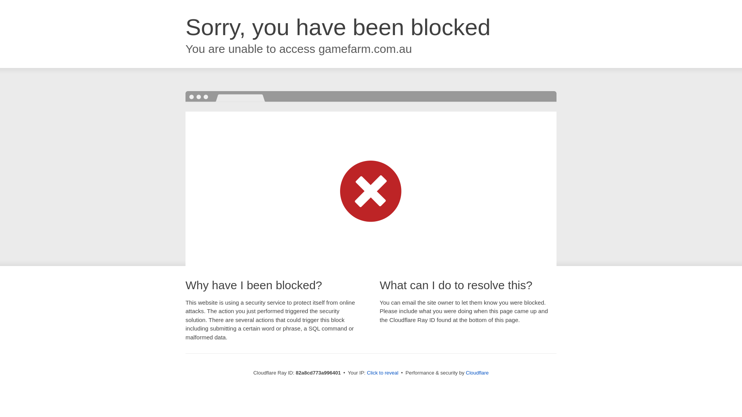  Describe the element at coordinates (465, 372) in the screenshot. I see `'Cloudflare'` at that location.